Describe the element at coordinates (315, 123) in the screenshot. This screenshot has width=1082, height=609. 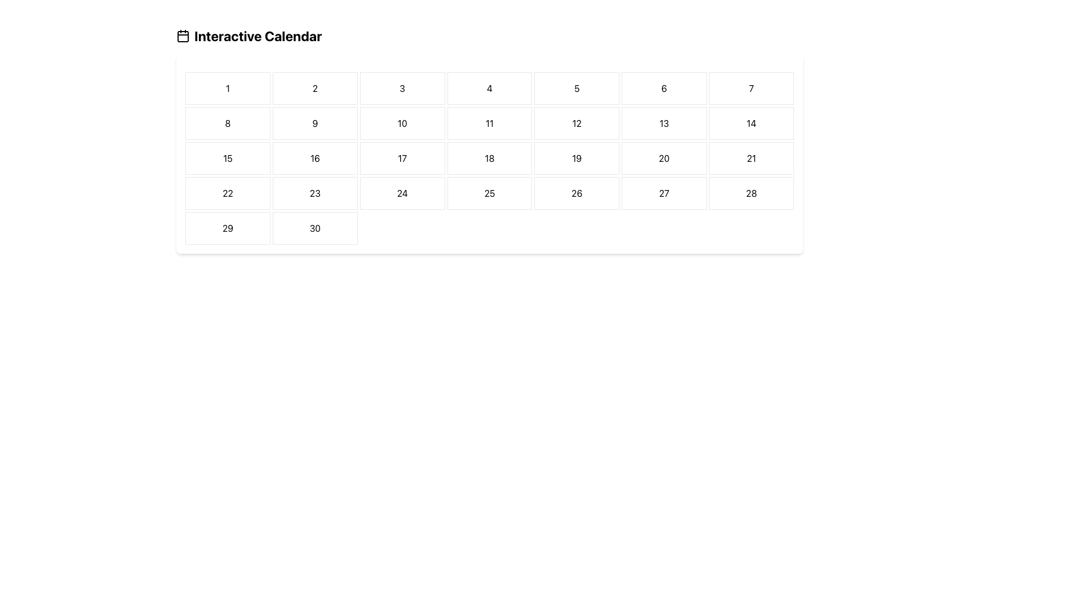
I see `the button-like grid cell representing the number 9, located in the second row and second column of the calendar interface` at that location.